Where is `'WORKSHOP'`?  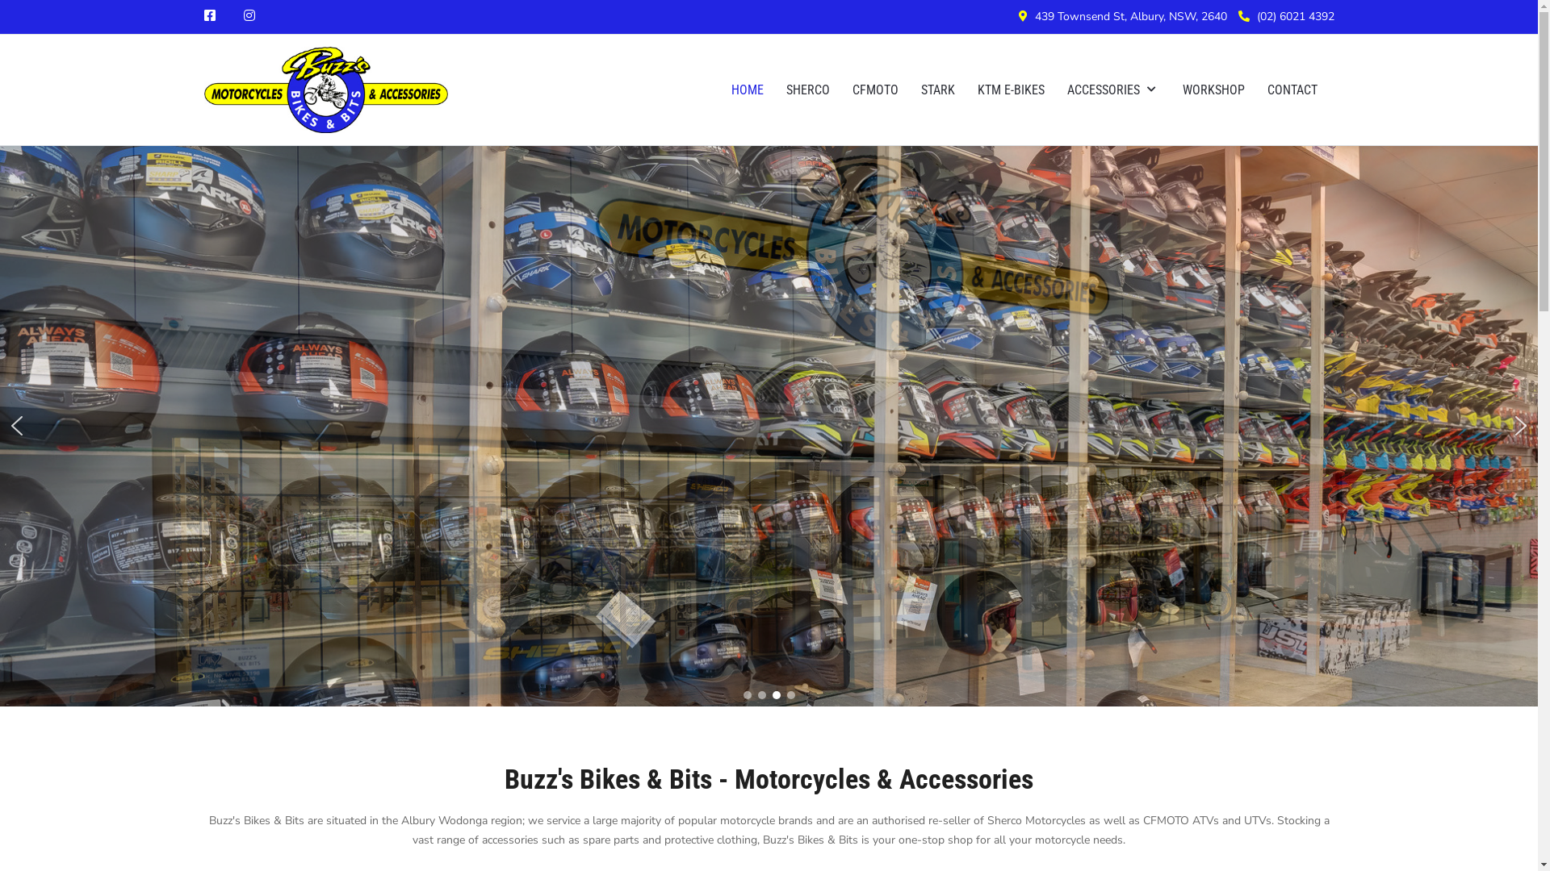 'WORKSHOP' is located at coordinates (1213, 90).